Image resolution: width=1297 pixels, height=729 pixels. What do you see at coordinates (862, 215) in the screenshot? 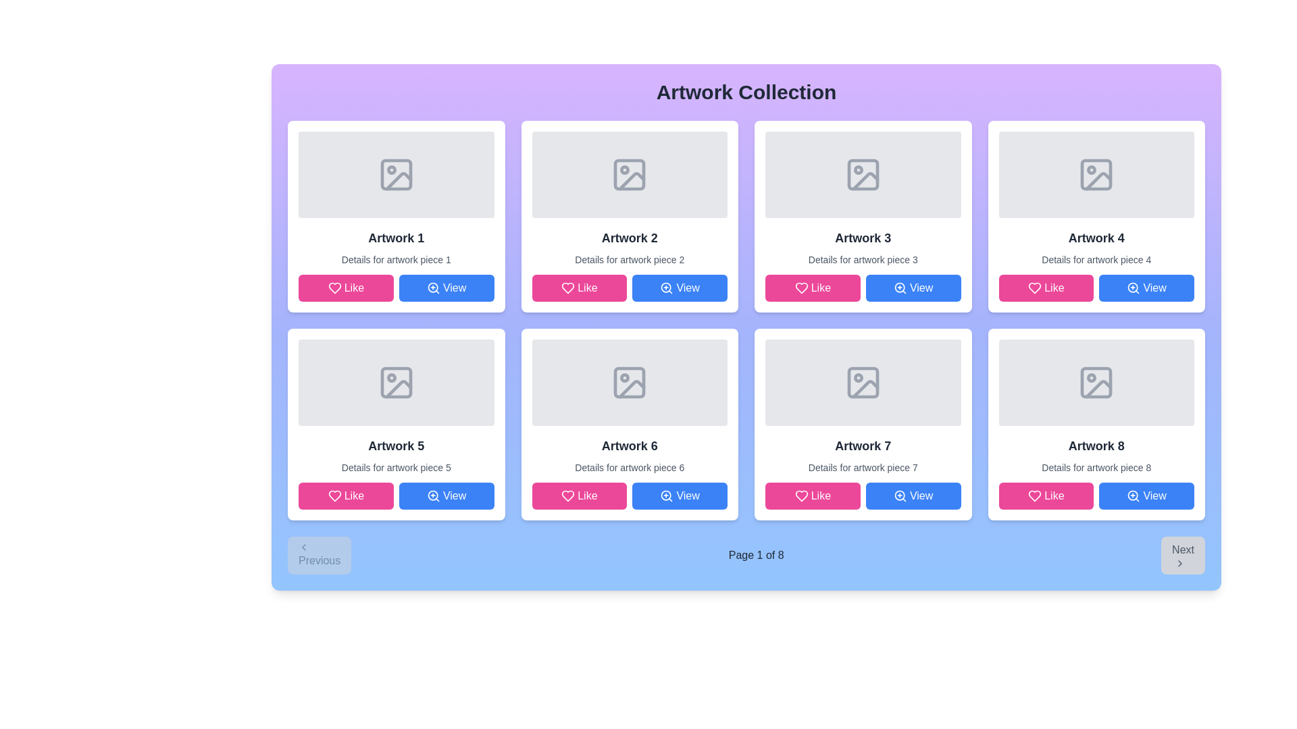
I see `to select the card displaying 'Artwork 3', which is the third card in the first row of a 4x2 grid layout` at bounding box center [862, 215].